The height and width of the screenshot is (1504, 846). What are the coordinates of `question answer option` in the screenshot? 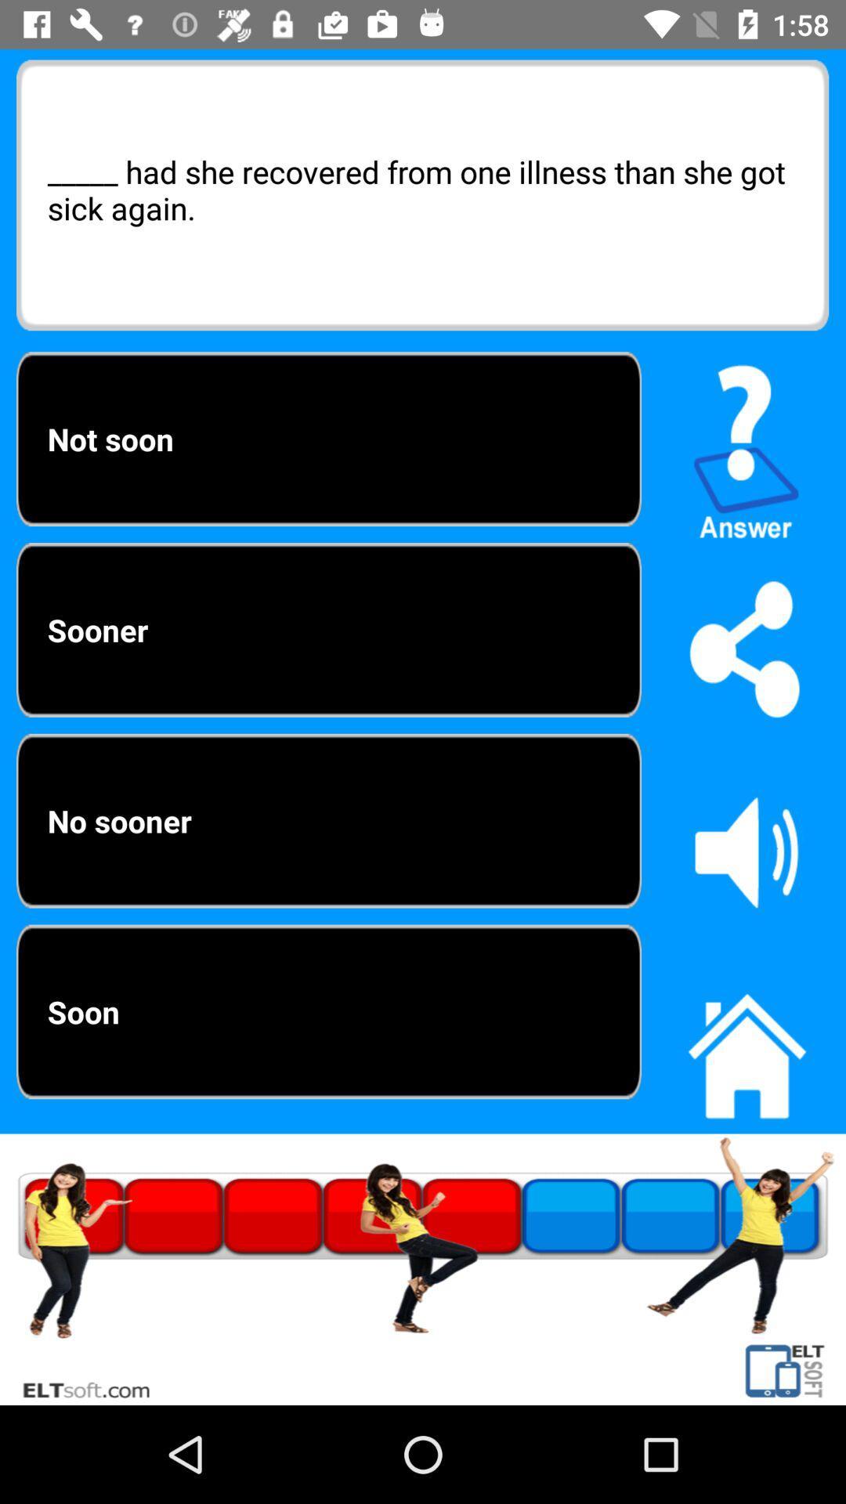 It's located at (746, 444).